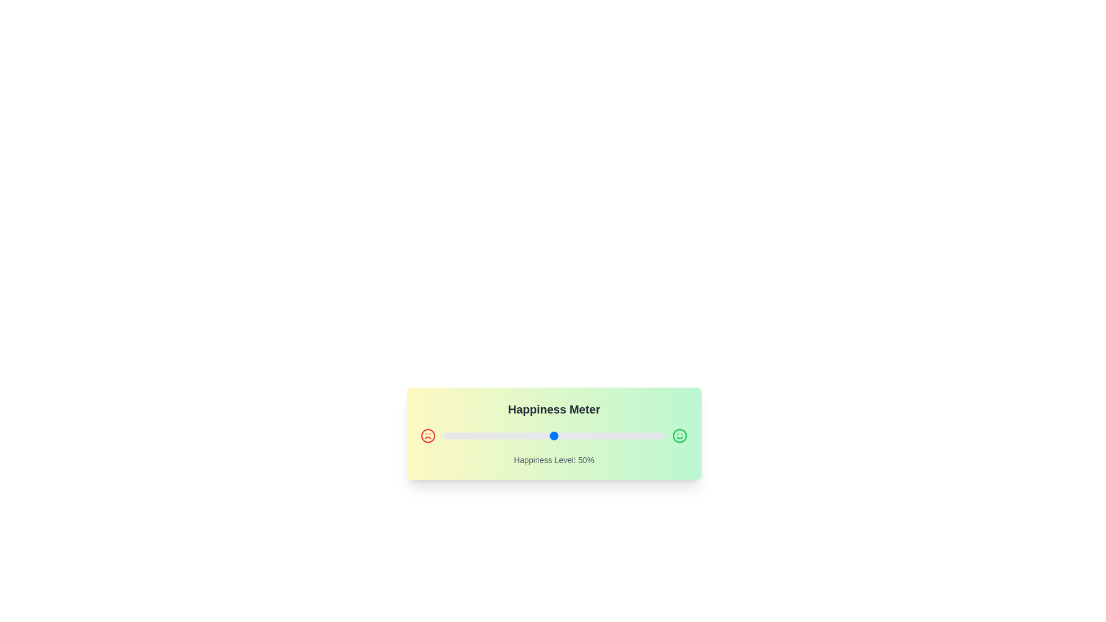 The width and height of the screenshot is (1106, 622). I want to click on the slider to set the happiness level to 77%, so click(613, 435).